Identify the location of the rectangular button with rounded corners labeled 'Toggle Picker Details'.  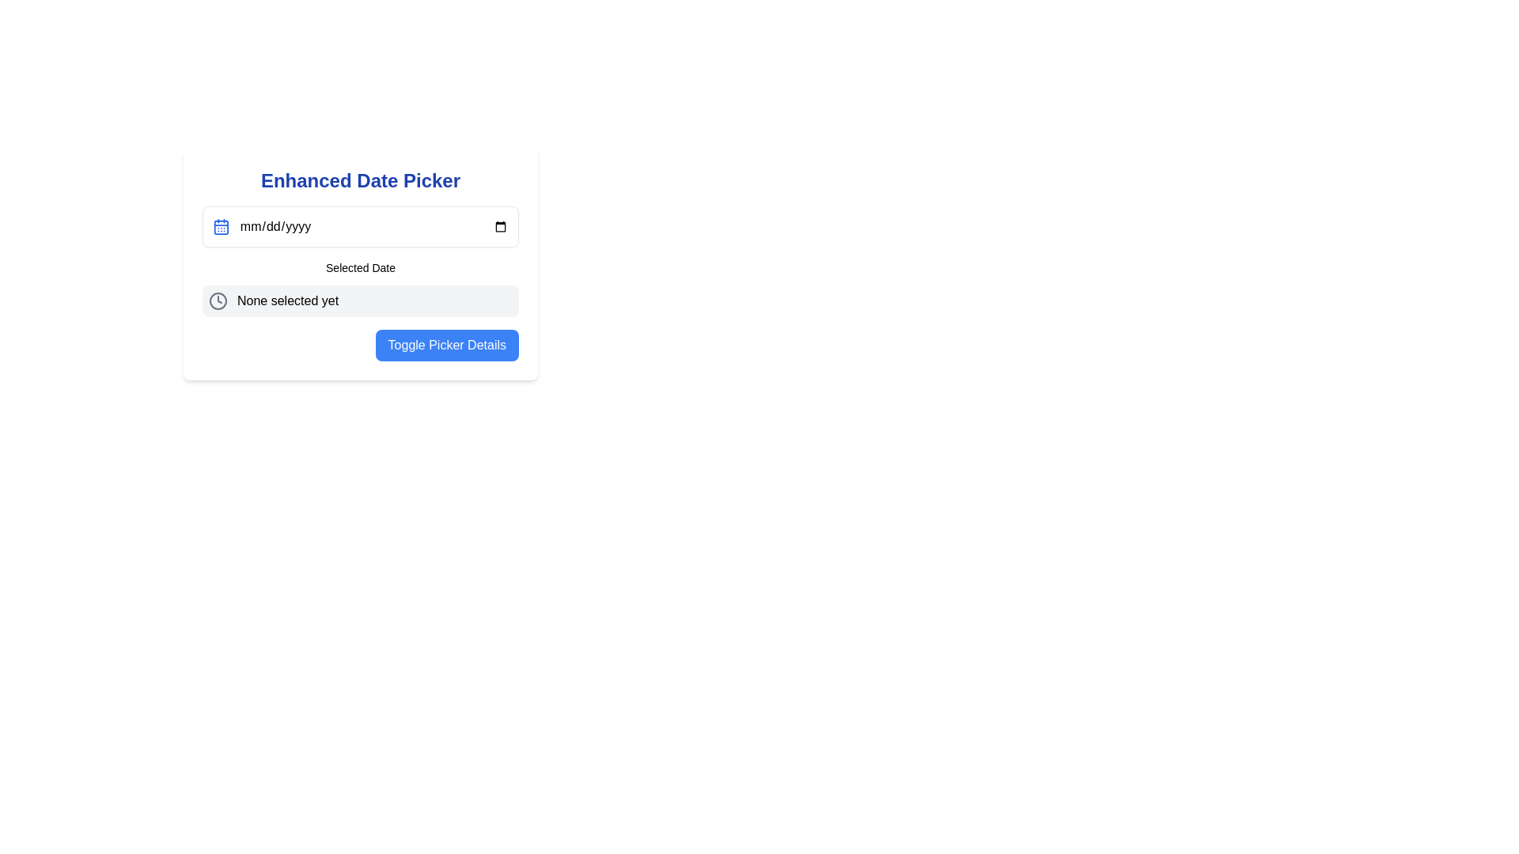
(446, 344).